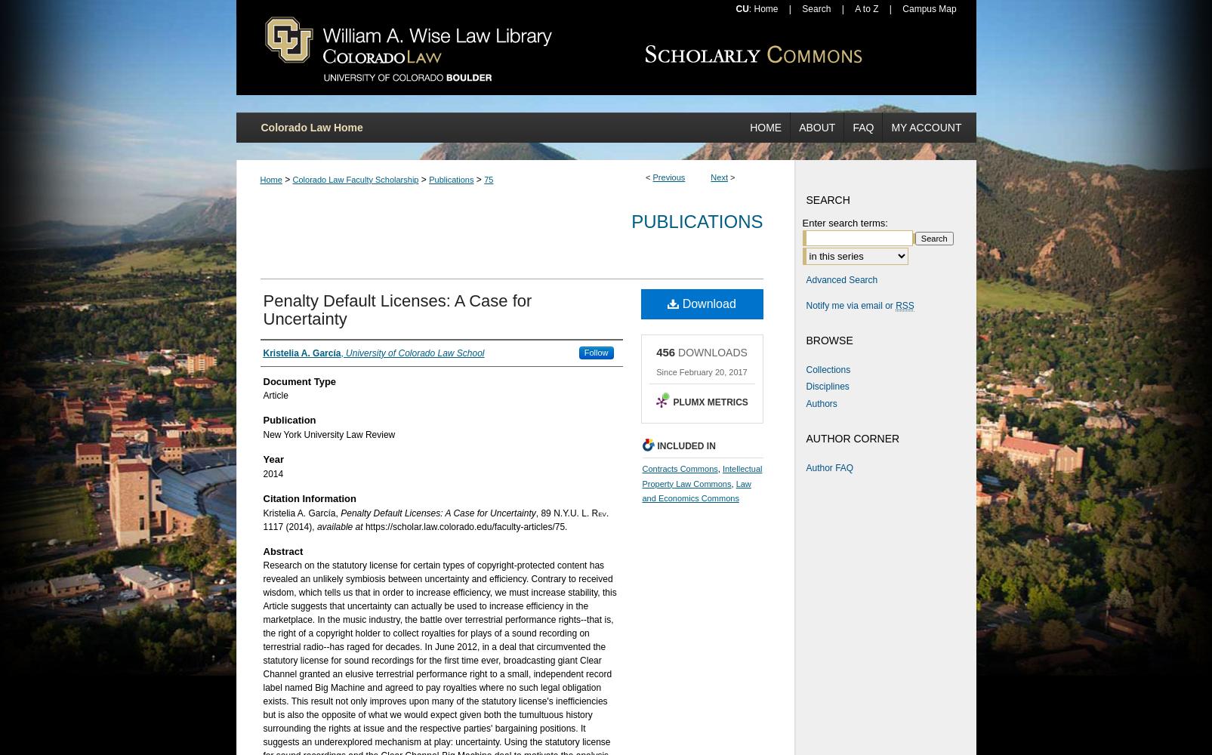  Describe the element at coordinates (288, 420) in the screenshot. I see `'Publication'` at that location.